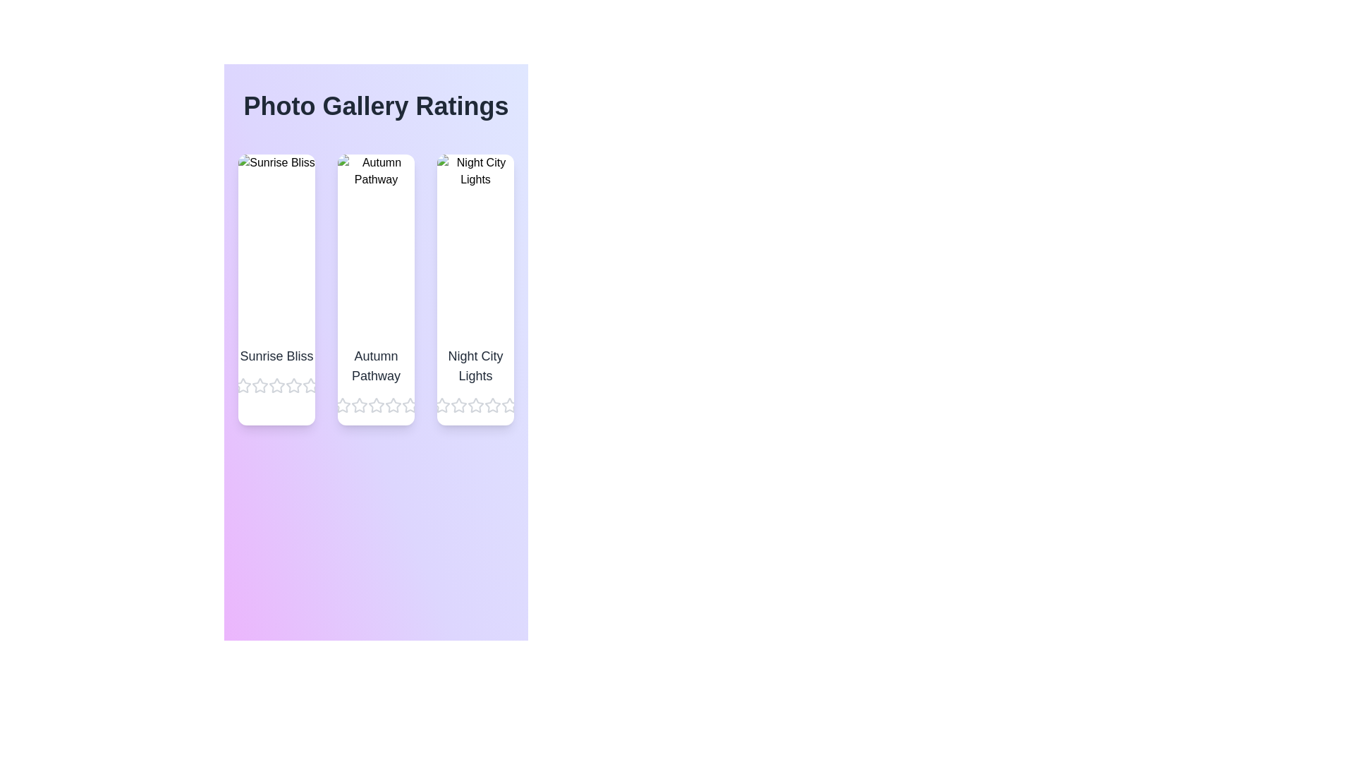  I want to click on the star corresponding to 4 stars for the image titled Sunrise Bliss, so click(293, 386).